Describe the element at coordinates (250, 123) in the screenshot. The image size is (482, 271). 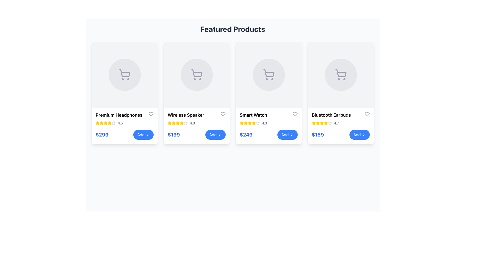
I see `the third star icon in the 5-star rating system located beneath the 'Smart Watch' product card` at that location.